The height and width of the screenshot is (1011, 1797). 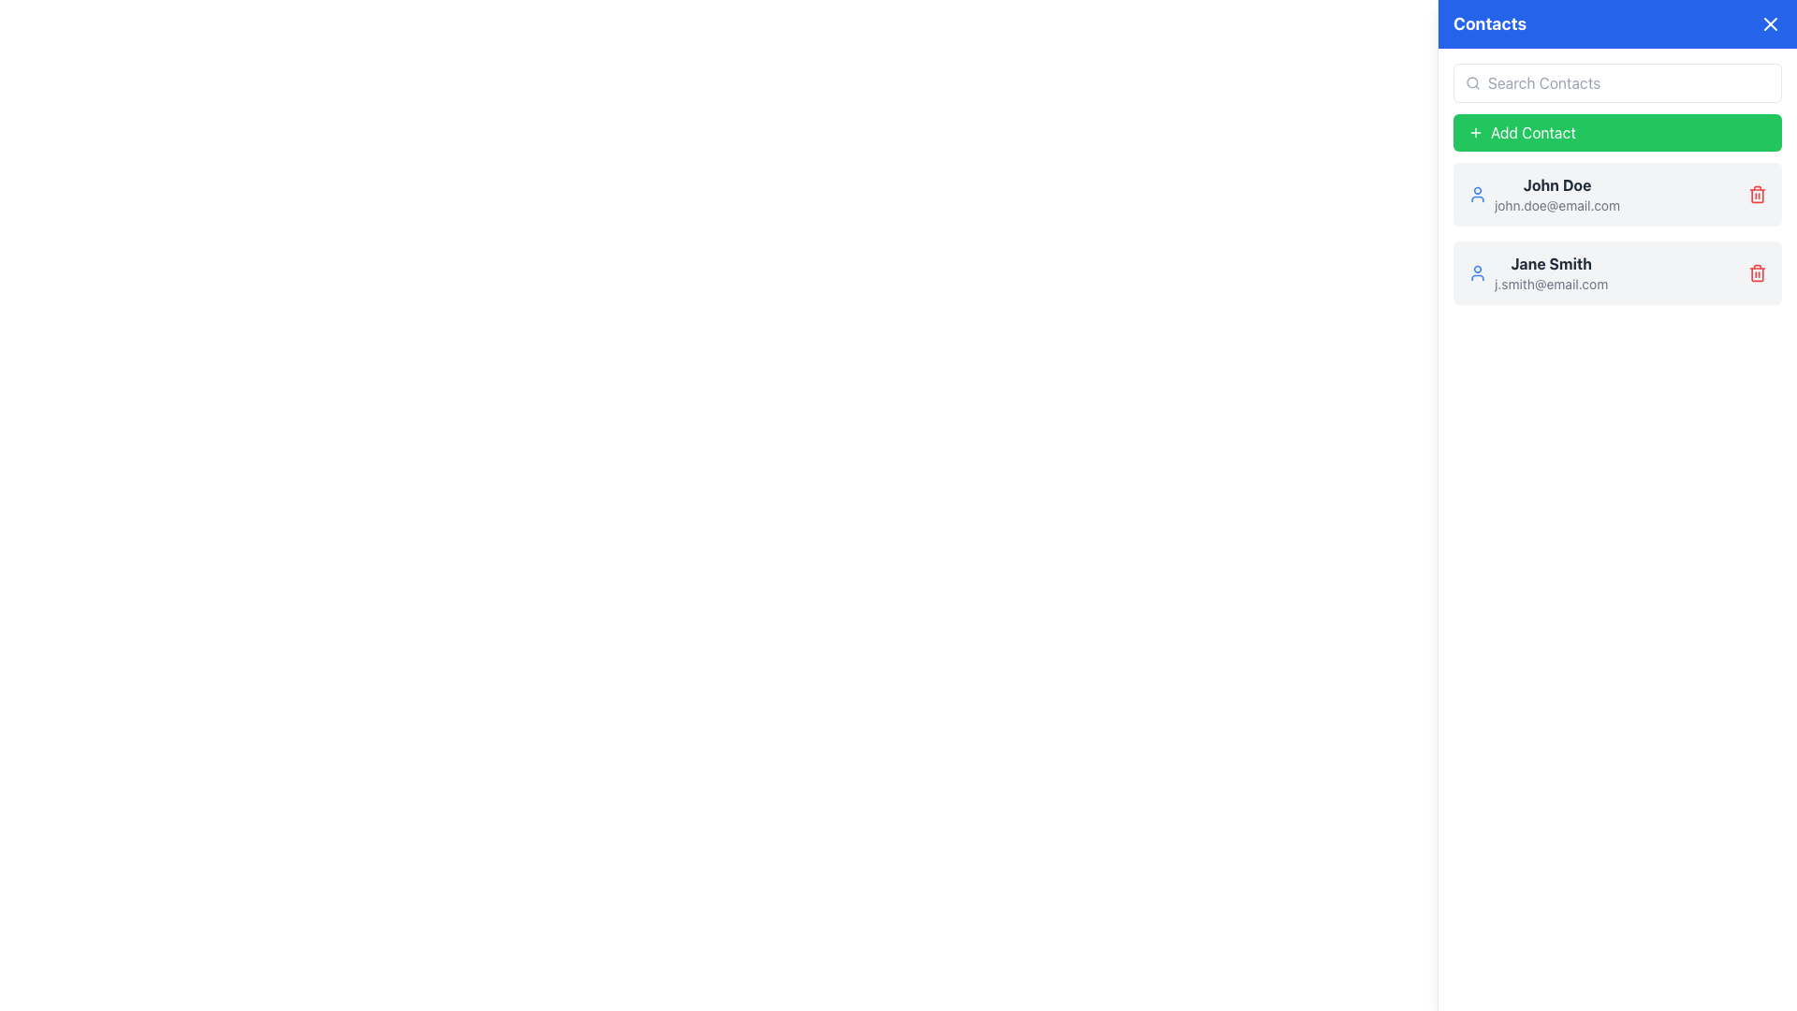 I want to click on static text display showing the name 'John Doe', which is located in the first contact entry under the 'Contacts' section on the right panel, above the email address 'john.doe@email.com', so click(x=1557, y=184).